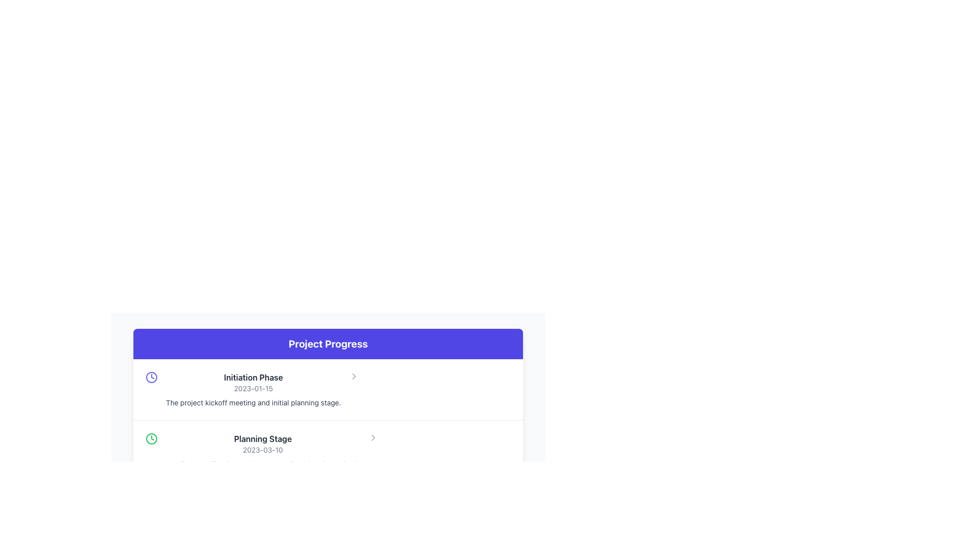 This screenshot has width=974, height=548. I want to click on the navigation link icon for the 'Planning Stage', so click(372, 437).